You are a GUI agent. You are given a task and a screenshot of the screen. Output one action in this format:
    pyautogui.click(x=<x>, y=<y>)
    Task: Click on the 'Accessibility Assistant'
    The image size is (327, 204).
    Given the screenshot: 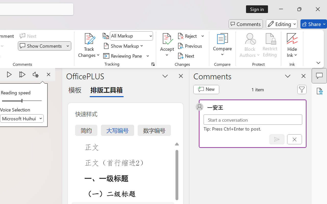 What is the action you would take?
    pyautogui.click(x=319, y=91)
    